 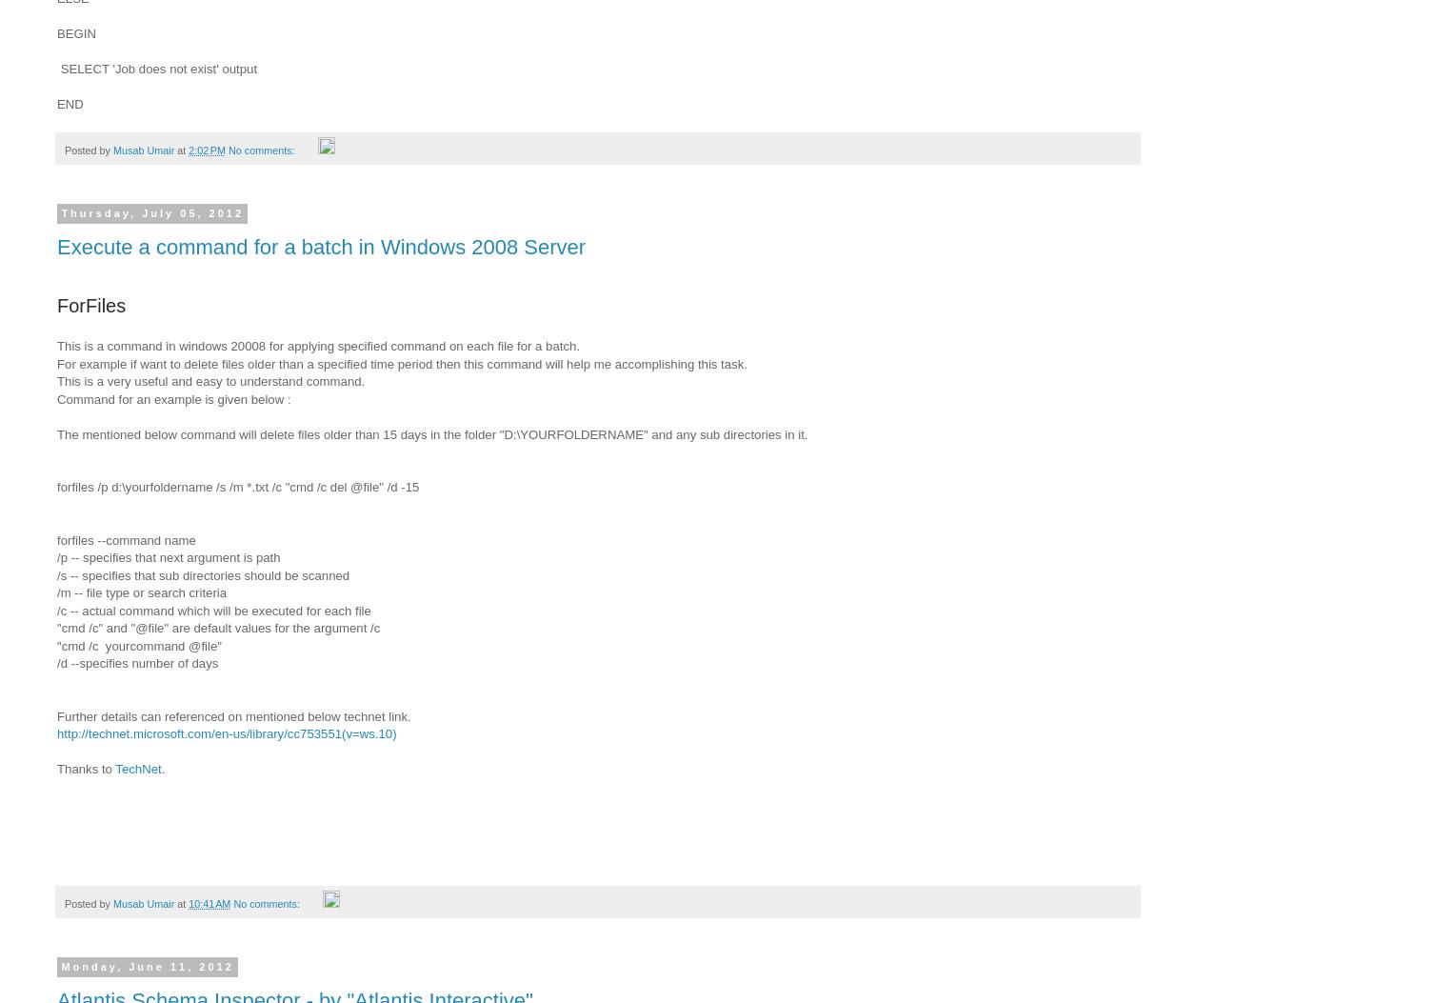 What do you see at coordinates (318, 345) in the screenshot?
I see `'This is a command in windows 20008 for applying specified command on each file for a batch.'` at bounding box center [318, 345].